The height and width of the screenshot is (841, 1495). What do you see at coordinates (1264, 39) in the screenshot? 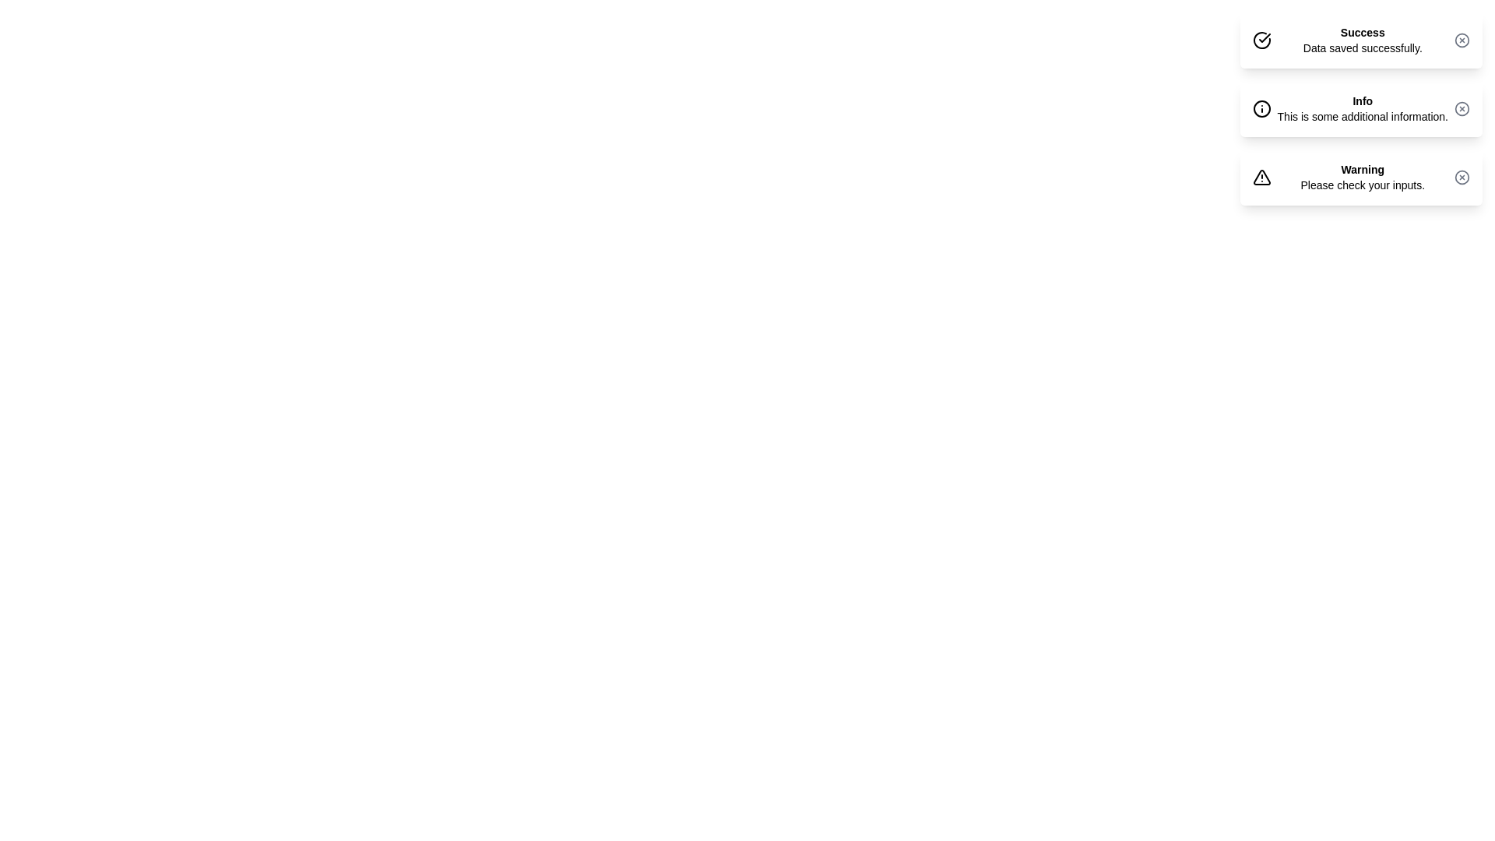
I see `the success icon located inside the notification card at the top of the notification stack` at bounding box center [1264, 39].